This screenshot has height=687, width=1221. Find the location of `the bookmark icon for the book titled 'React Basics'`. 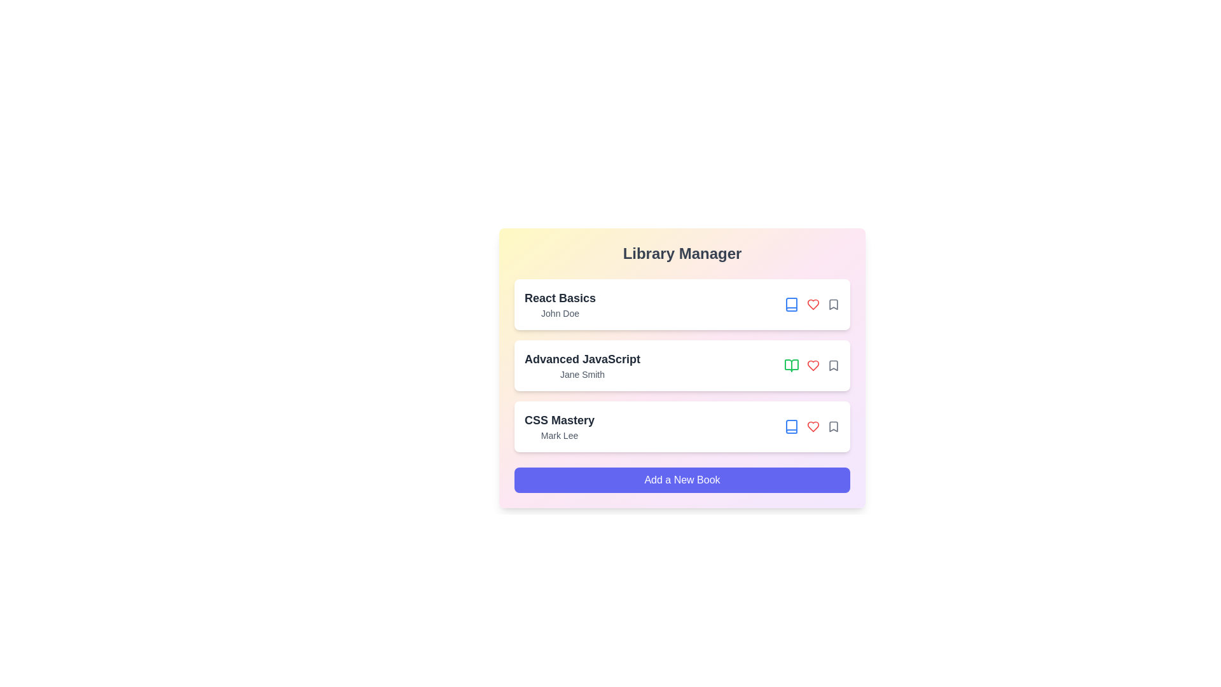

the bookmark icon for the book titled 'React Basics' is located at coordinates (833, 304).